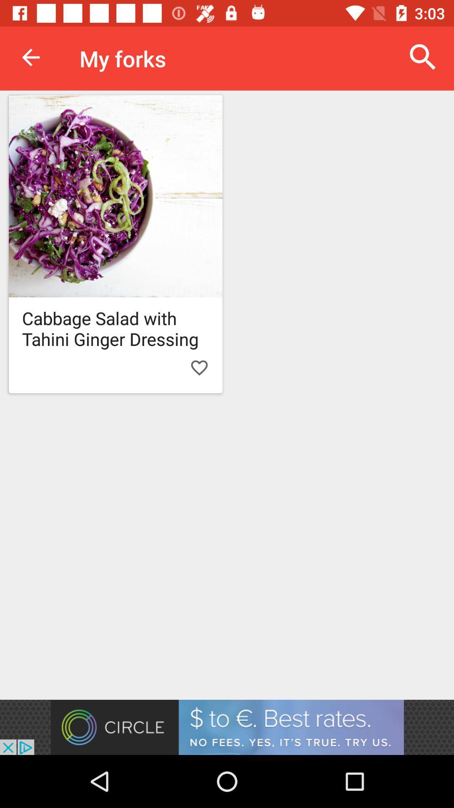  Describe the element at coordinates (227, 727) in the screenshot. I see `connect to site` at that location.